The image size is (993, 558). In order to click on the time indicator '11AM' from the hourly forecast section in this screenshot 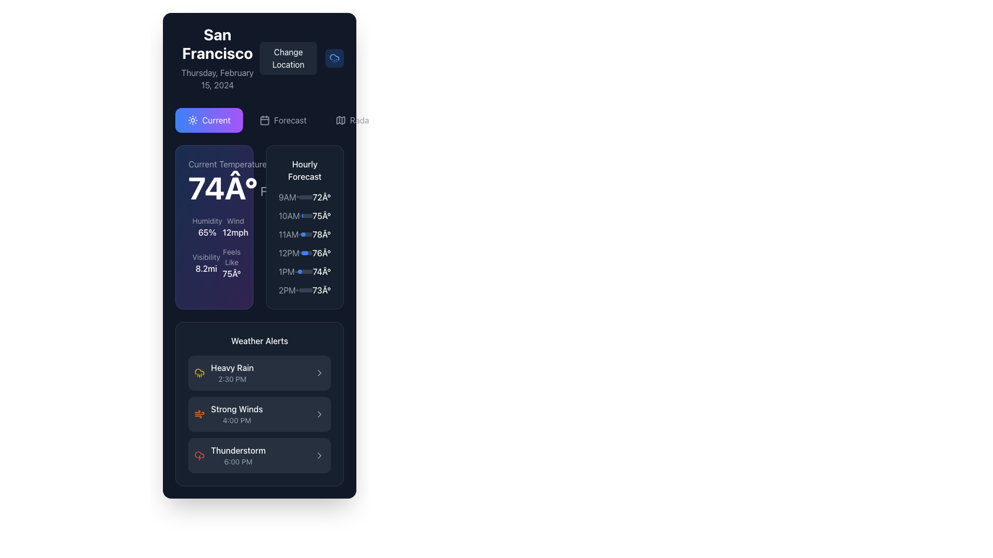, I will do `click(288, 235)`.